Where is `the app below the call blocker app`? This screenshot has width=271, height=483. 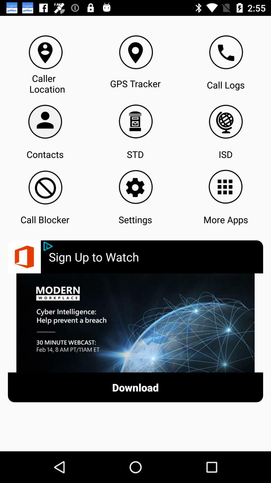
the app below the call blocker app is located at coordinates (156, 257).